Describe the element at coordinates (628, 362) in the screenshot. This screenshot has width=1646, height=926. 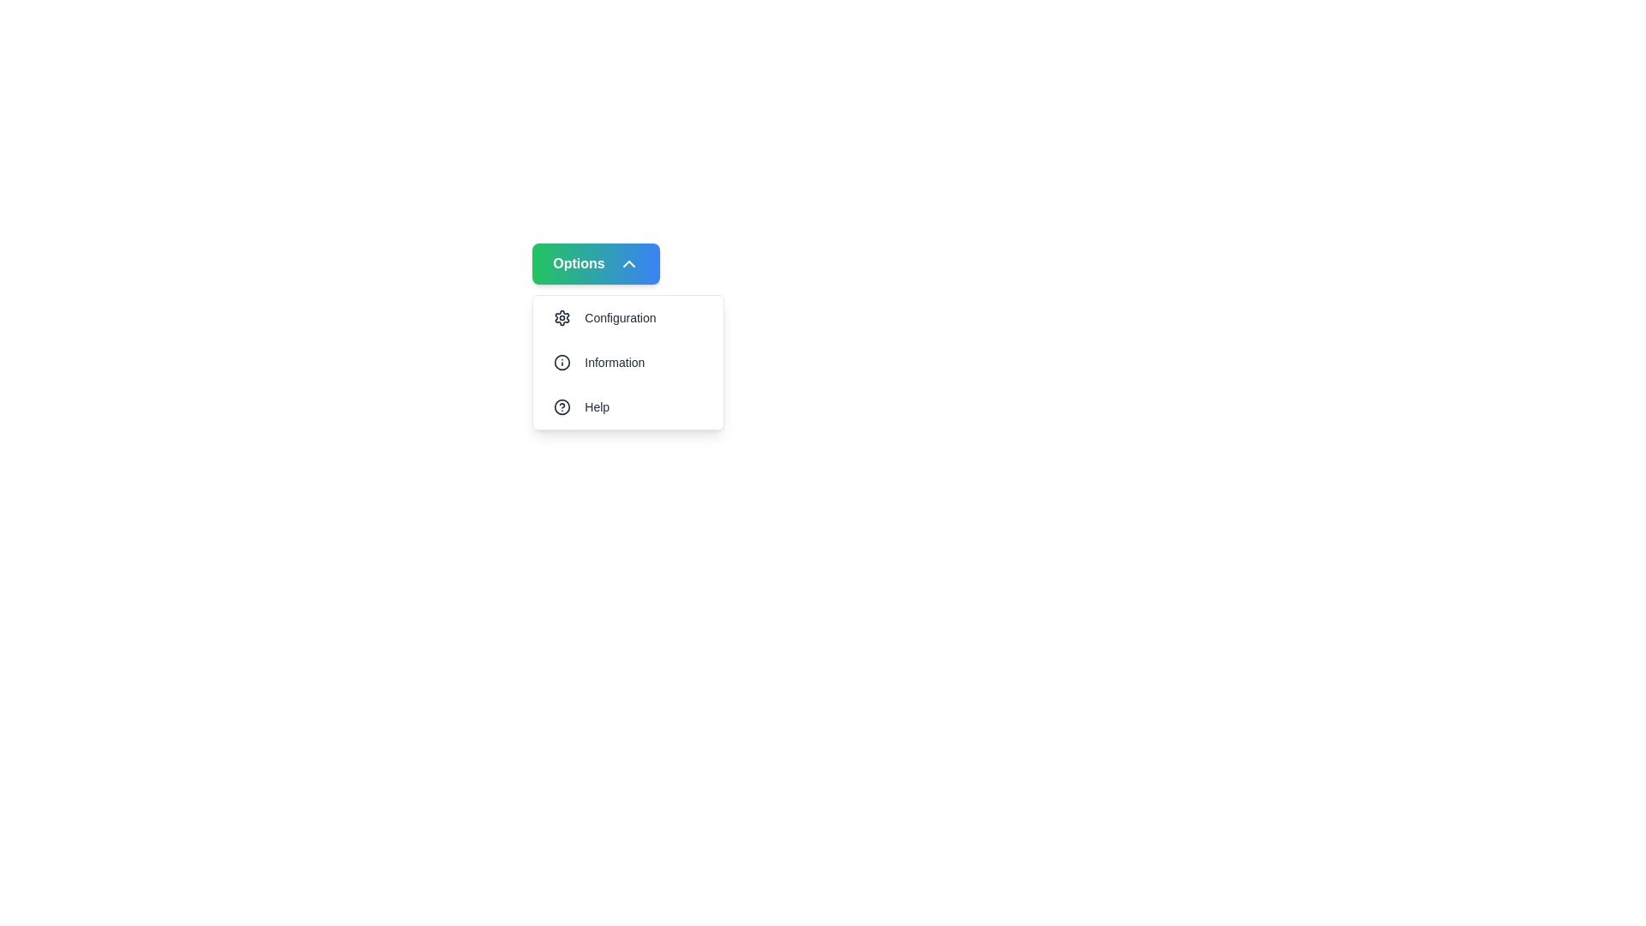
I see `the second item in the dropdown menu labeled 'Information'` at that location.